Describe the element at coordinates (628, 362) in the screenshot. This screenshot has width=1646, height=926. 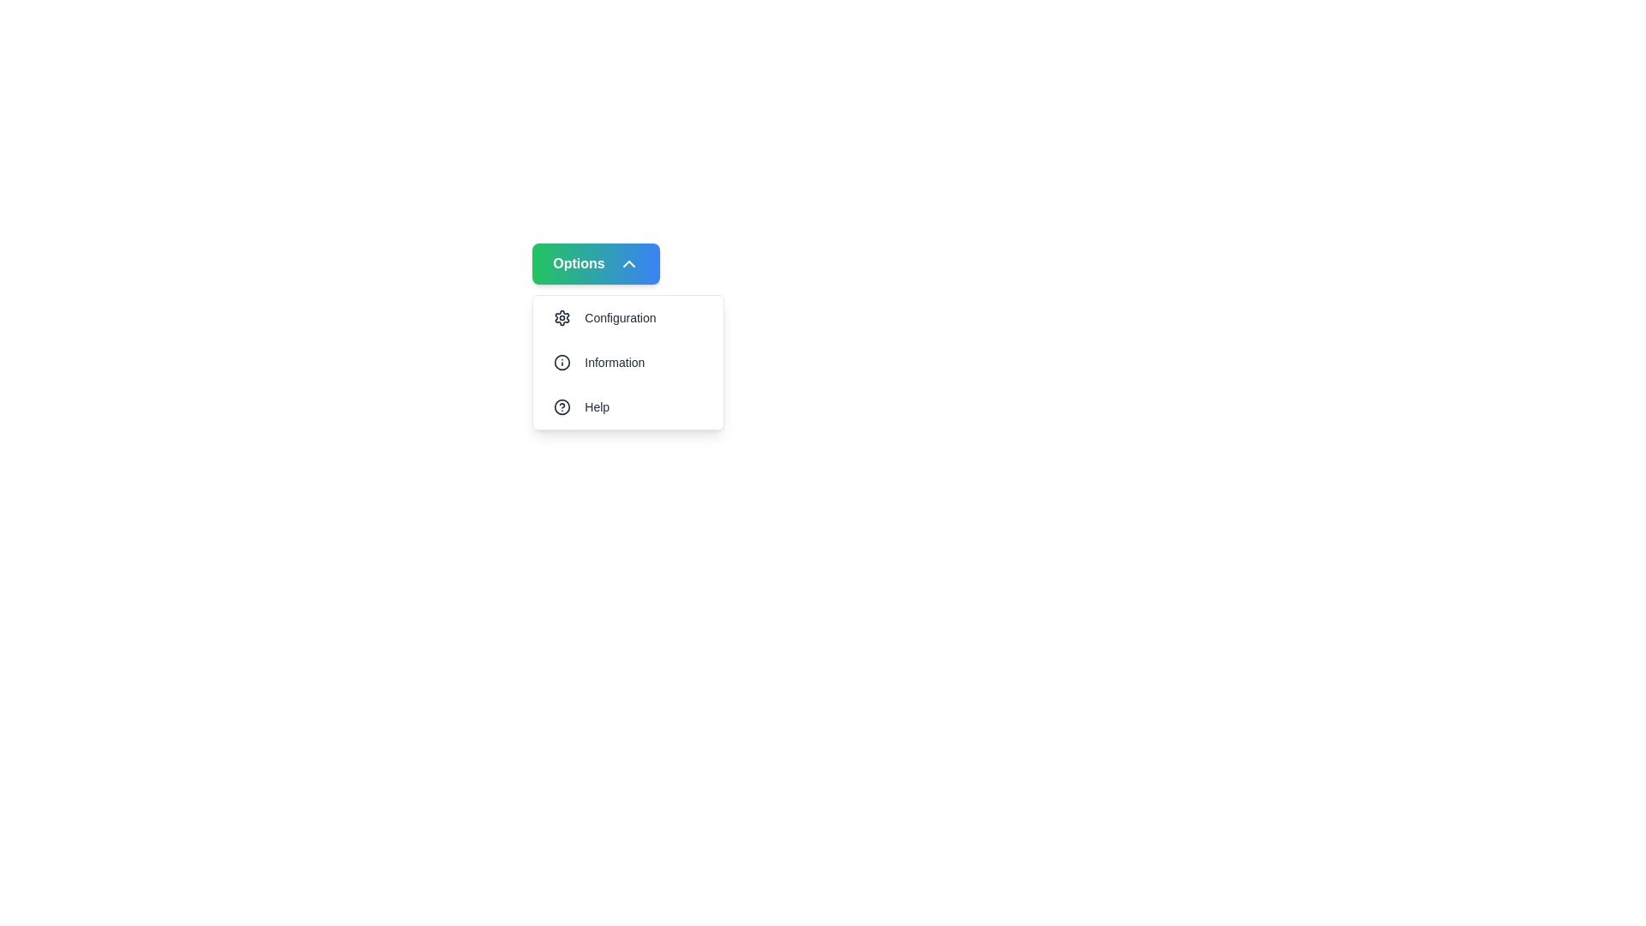
I see `the second item in the dropdown menu labeled 'Information'` at that location.